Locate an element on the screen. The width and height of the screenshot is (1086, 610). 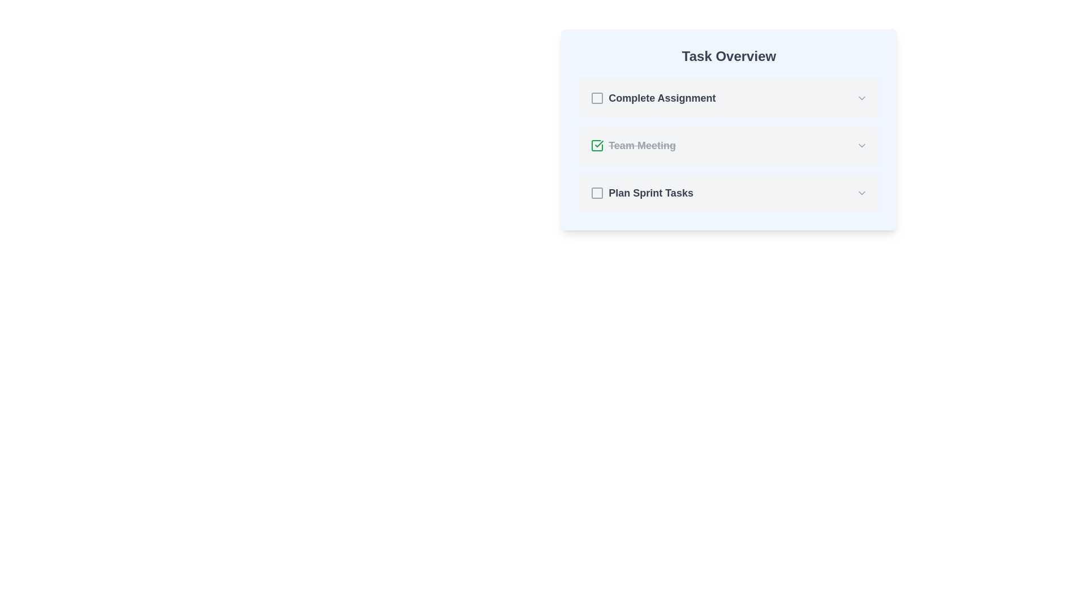
the unchecked checkbox within the 'Task Overview' box under the 'Plan Sprint Tasks' task is located at coordinates (597, 193).